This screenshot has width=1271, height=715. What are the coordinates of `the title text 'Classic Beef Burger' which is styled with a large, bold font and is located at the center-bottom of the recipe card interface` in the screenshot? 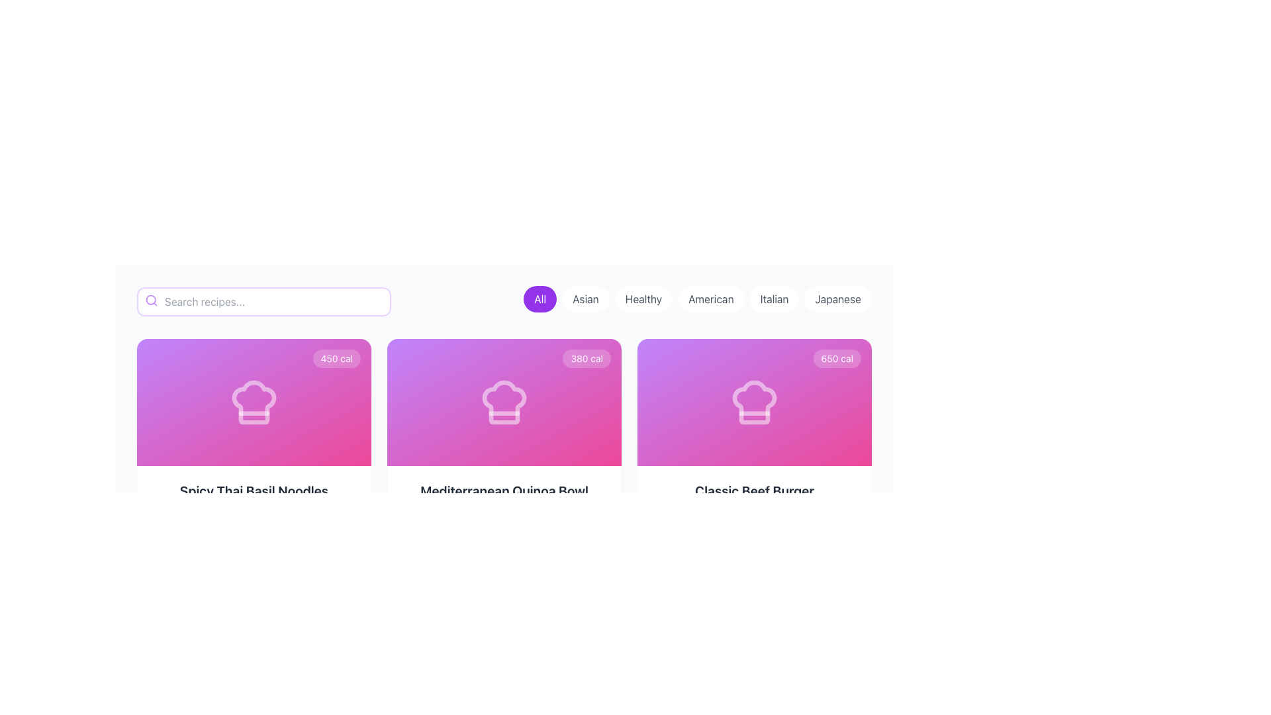 It's located at (755, 491).